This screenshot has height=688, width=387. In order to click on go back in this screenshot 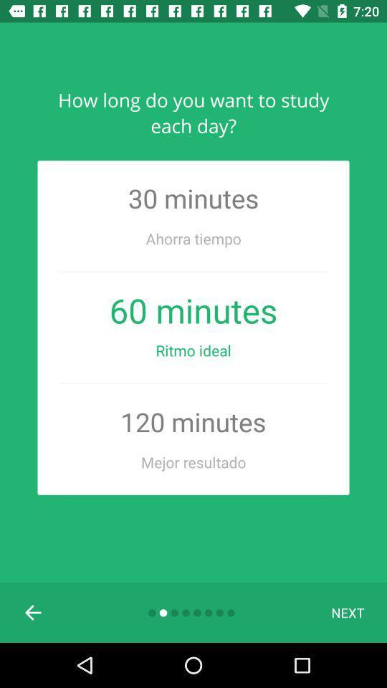, I will do `click(34, 611)`.